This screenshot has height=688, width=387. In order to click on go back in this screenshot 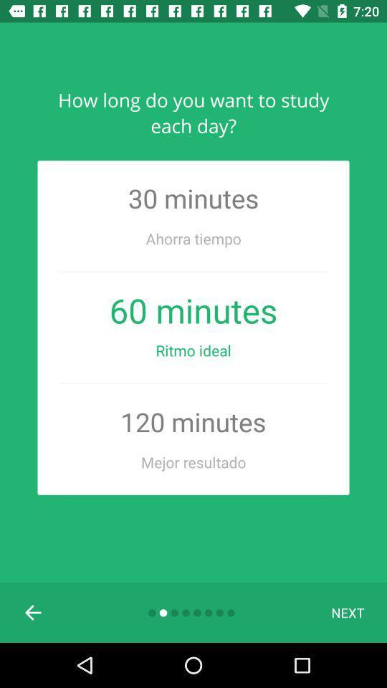, I will do `click(34, 611)`.